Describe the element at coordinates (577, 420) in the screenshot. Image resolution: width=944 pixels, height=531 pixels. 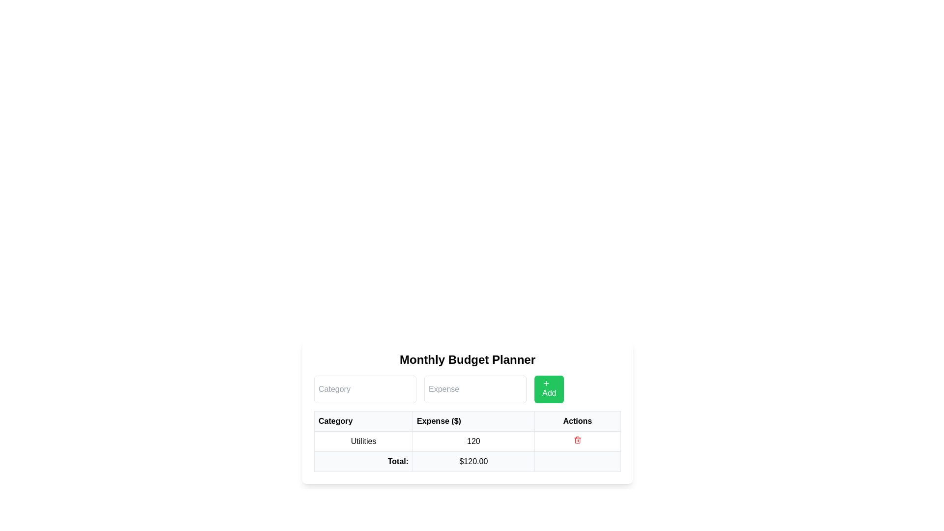
I see `the 'Actions' text label, which is a rectangular label with a white background and a thick black border, containing centered bold text in black` at that location.